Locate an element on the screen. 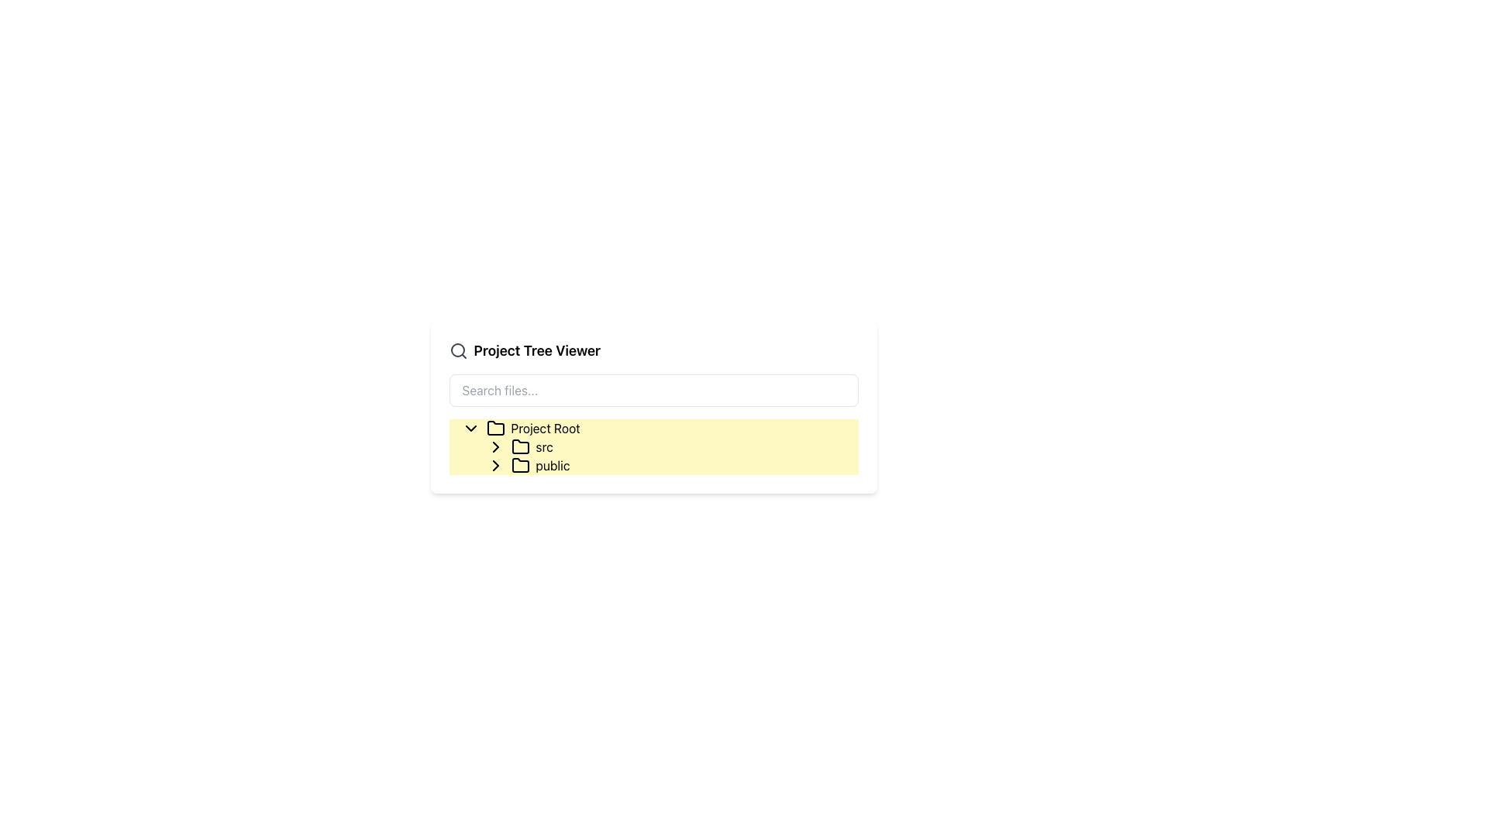 Image resolution: width=1488 pixels, height=837 pixels. the search icon located to the immediate left of the text 'Project Tree Viewer', which serves as an interactive element suggesting search functionality is located at coordinates (457, 350).